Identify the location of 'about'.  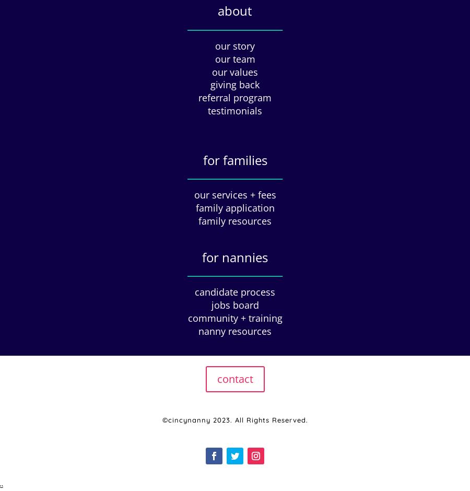
(235, 10).